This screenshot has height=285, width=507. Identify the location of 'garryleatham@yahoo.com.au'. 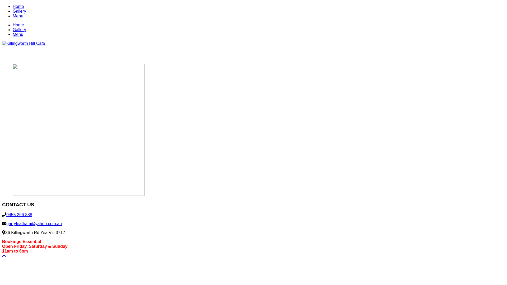
(34, 224).